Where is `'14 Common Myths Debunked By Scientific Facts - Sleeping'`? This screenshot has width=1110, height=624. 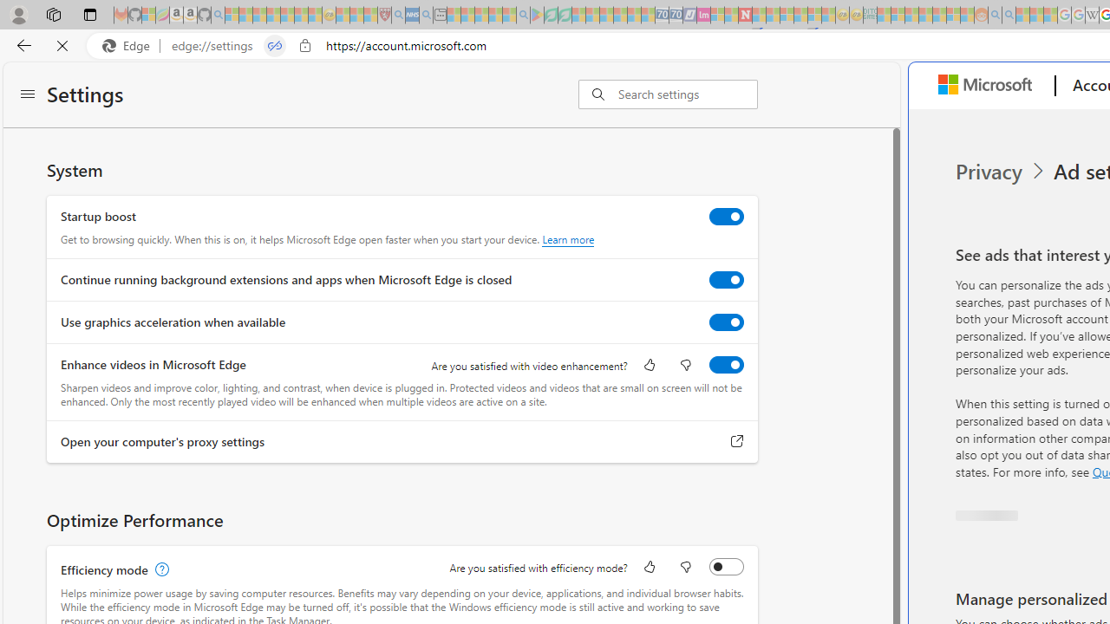
'14 Common Myths Debunked By Scientific Facts - Sleeping' is located at coordinates (772, 15).